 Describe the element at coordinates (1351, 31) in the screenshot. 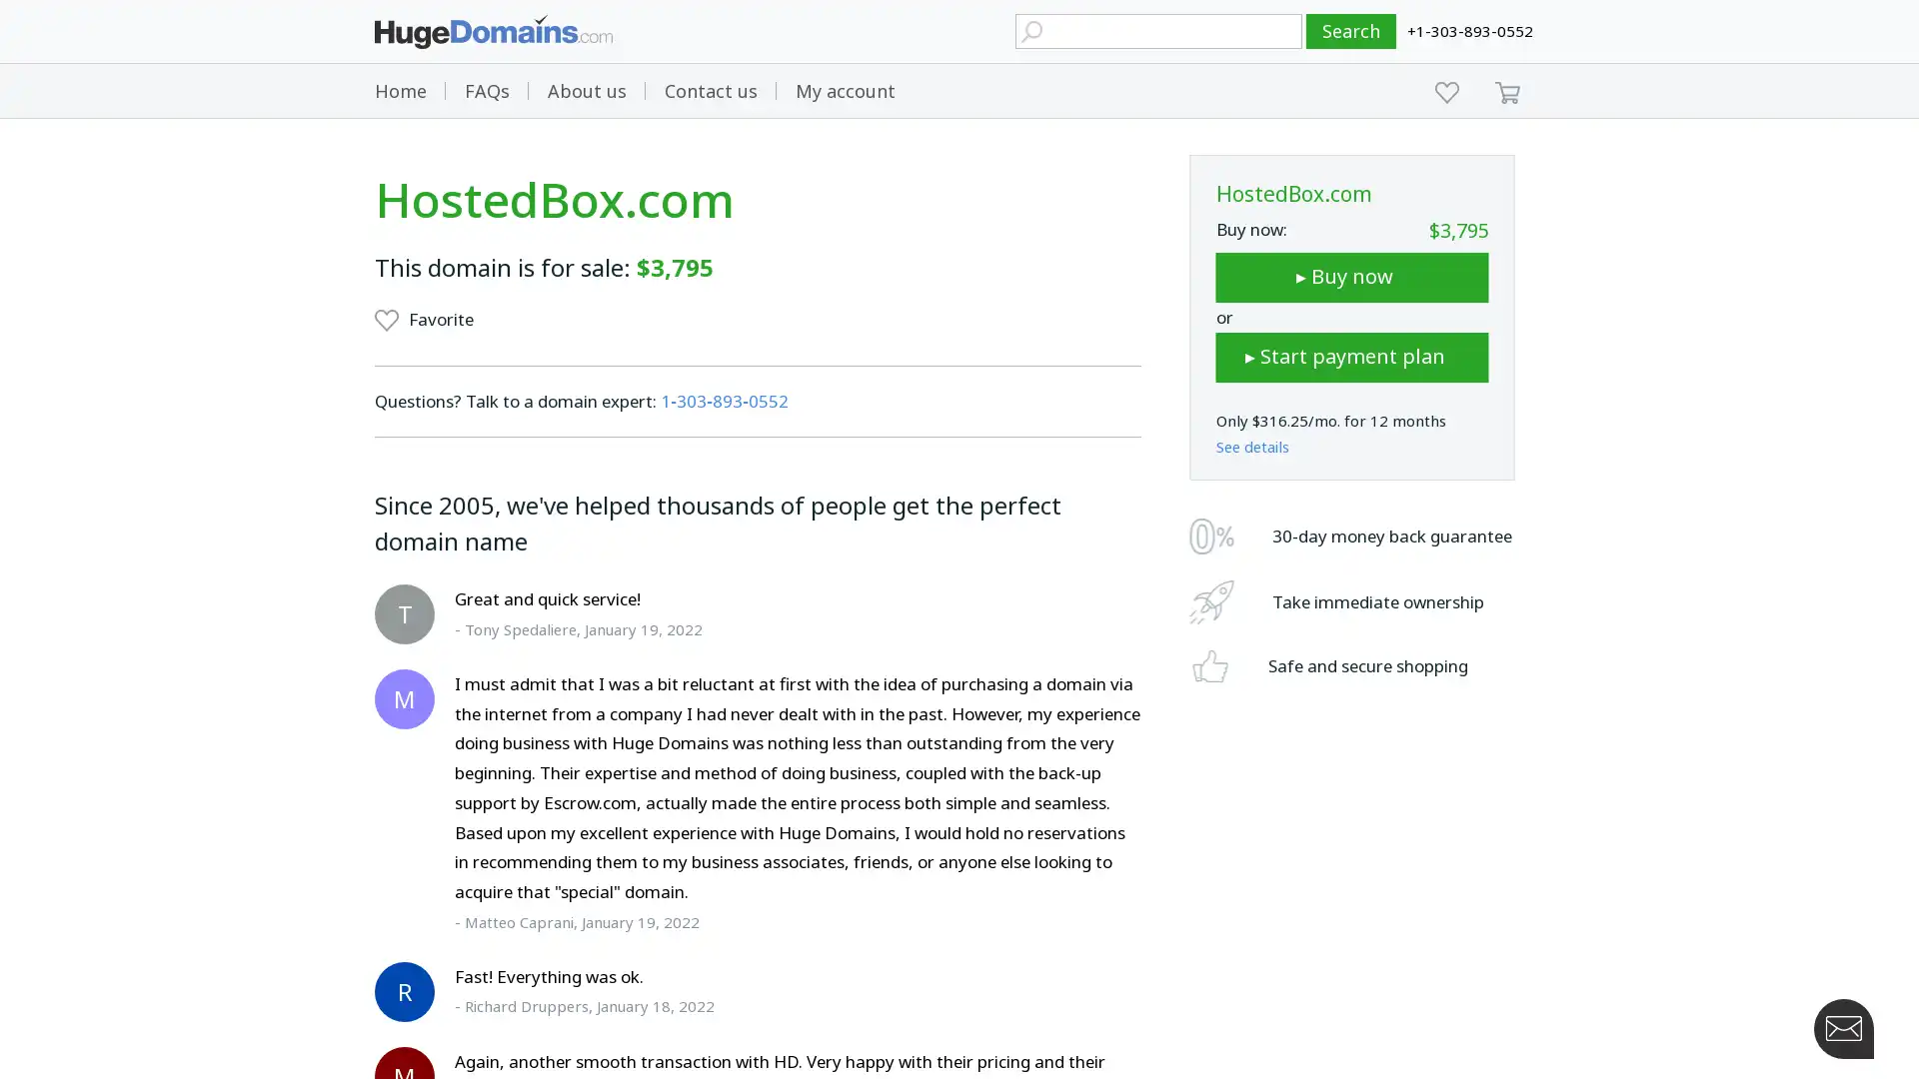

I see `Search` at that location.